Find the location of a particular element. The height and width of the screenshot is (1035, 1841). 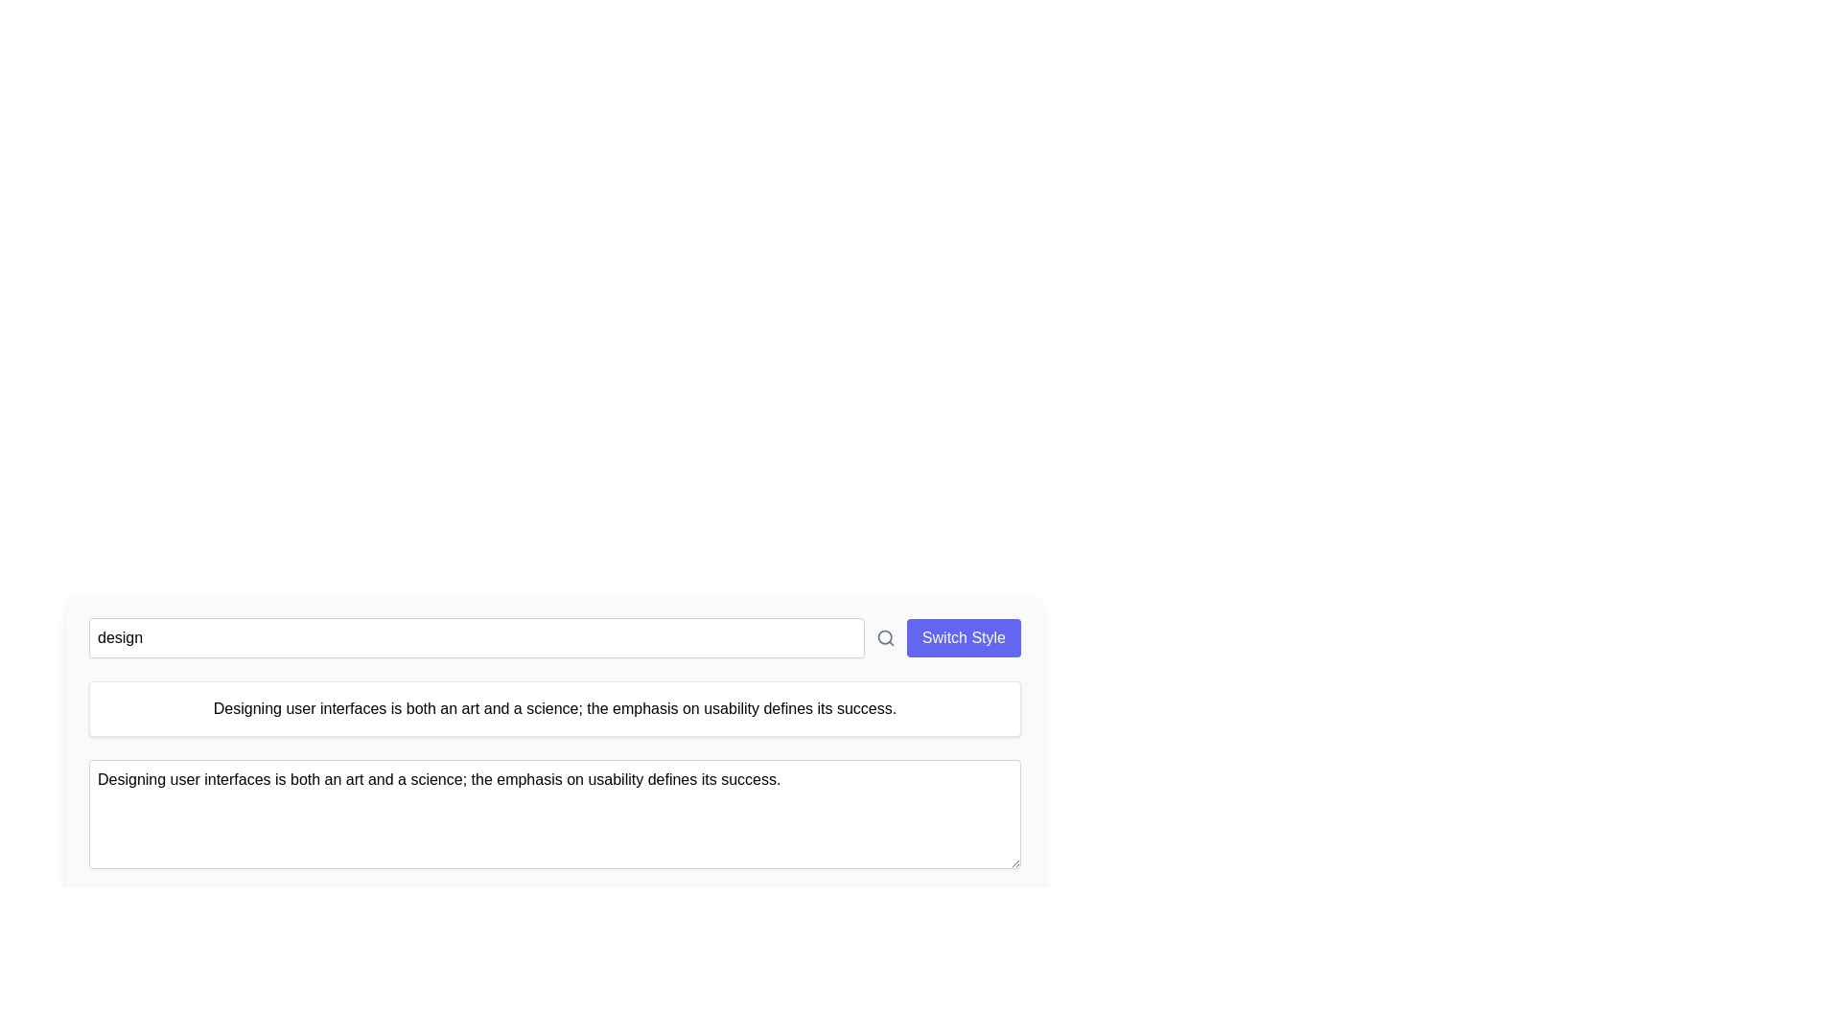

the gray circular part of the magnifying glass icon located in the top-right corner of the search bar is located at coordinates (883, 637).